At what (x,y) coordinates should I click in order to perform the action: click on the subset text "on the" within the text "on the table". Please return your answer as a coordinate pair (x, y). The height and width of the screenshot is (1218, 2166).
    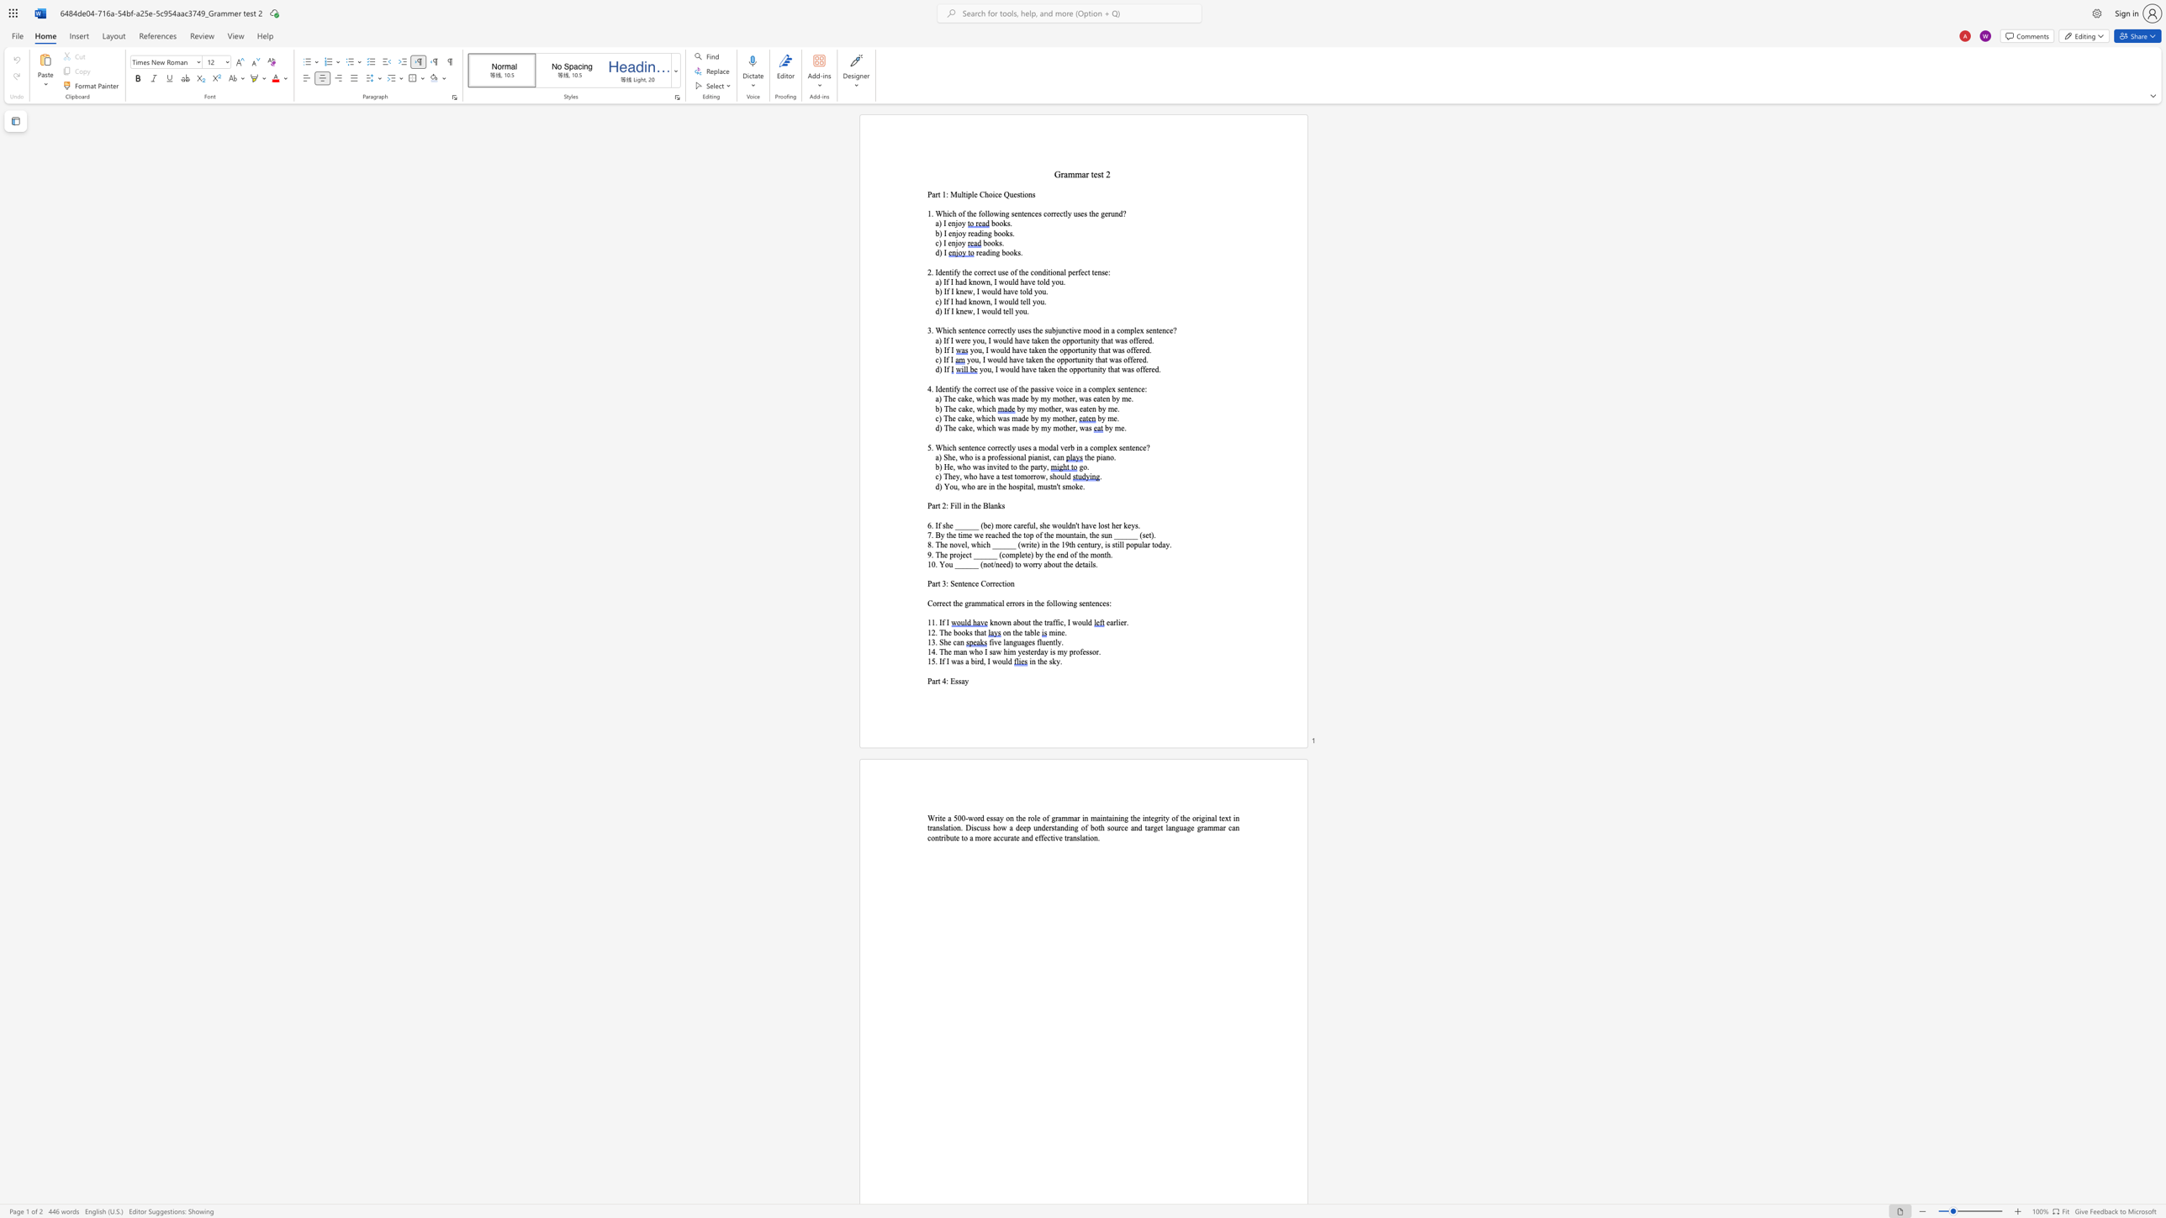
    Looking at the image, I should click on (1002, 632).